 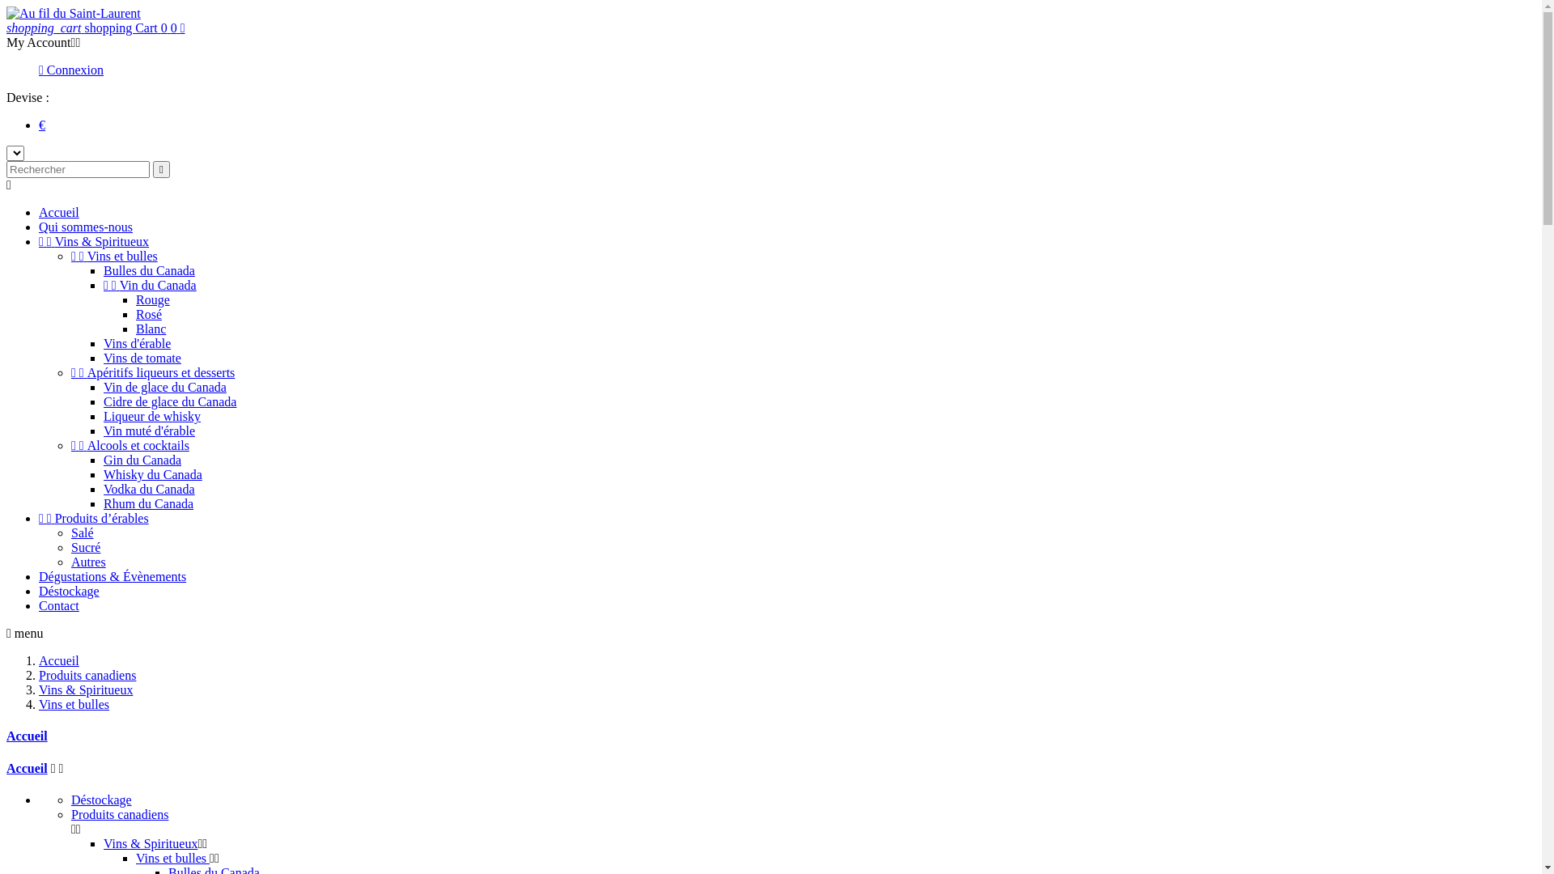 What do you see at coordinates (149, 488) in the screenshot?
I see `'Vodka du Canada'` at bounding box center [149, 488].